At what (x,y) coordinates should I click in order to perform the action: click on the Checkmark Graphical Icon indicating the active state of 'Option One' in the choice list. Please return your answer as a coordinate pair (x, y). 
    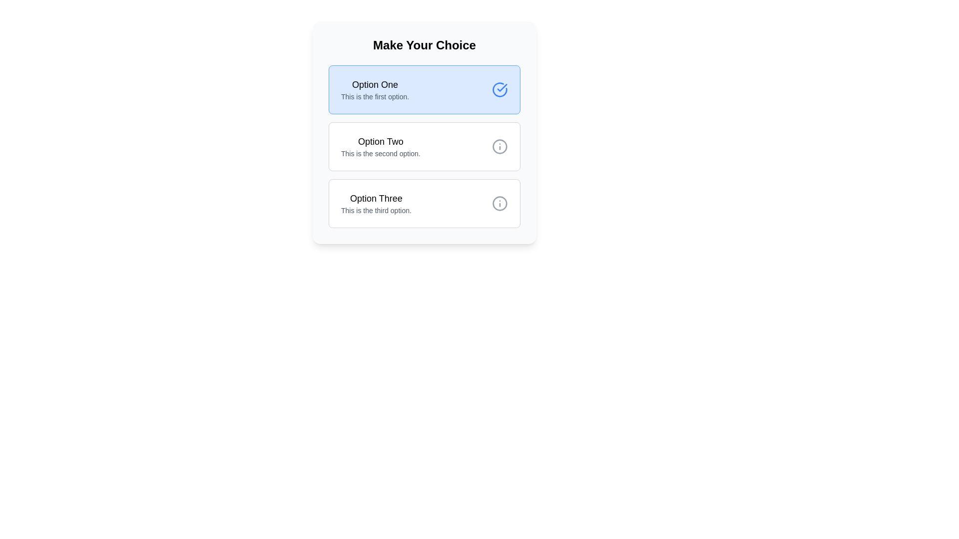
    Looking at the image, I should click on (502, 87).